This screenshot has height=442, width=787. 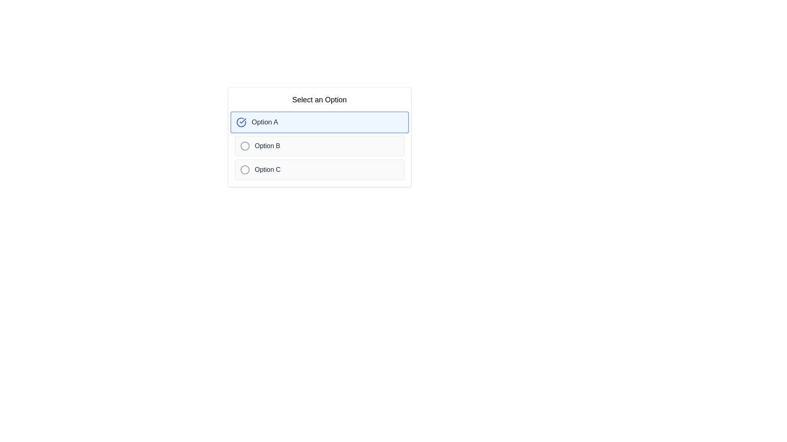 I want to click on the radio button for 'Option C' to indicate the active selection possibility, so click(x=244, y=169).